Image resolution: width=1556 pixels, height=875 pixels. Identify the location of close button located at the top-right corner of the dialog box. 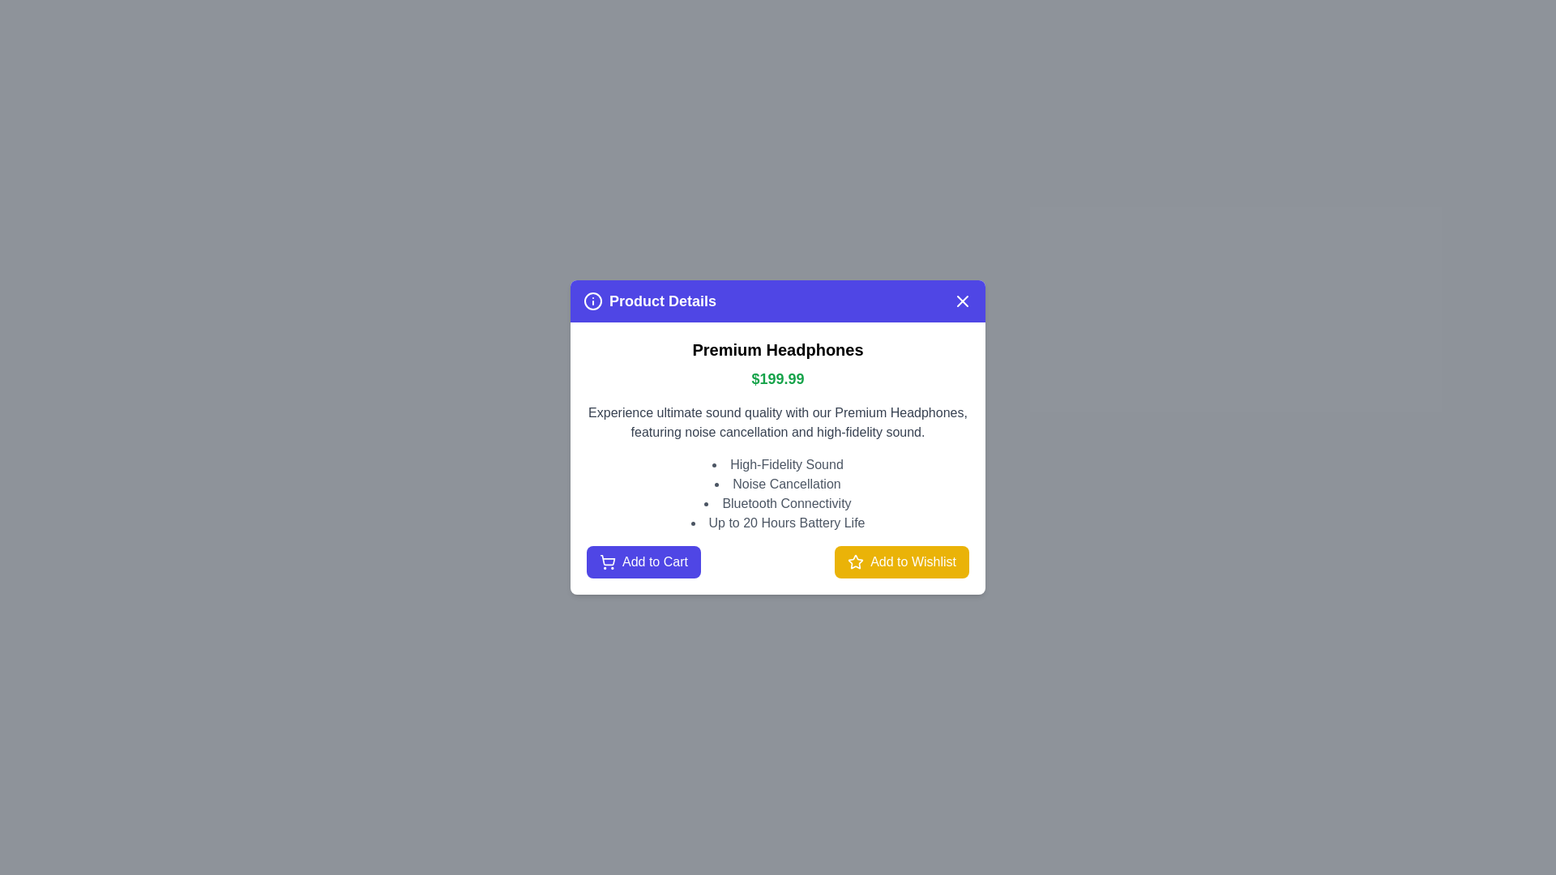
(963, 301).